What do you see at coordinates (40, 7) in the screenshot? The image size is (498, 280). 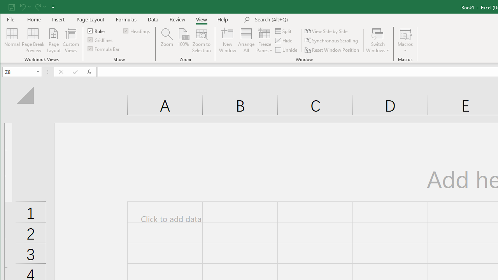 I see `'Redo'` at bounding box center [40, 7].